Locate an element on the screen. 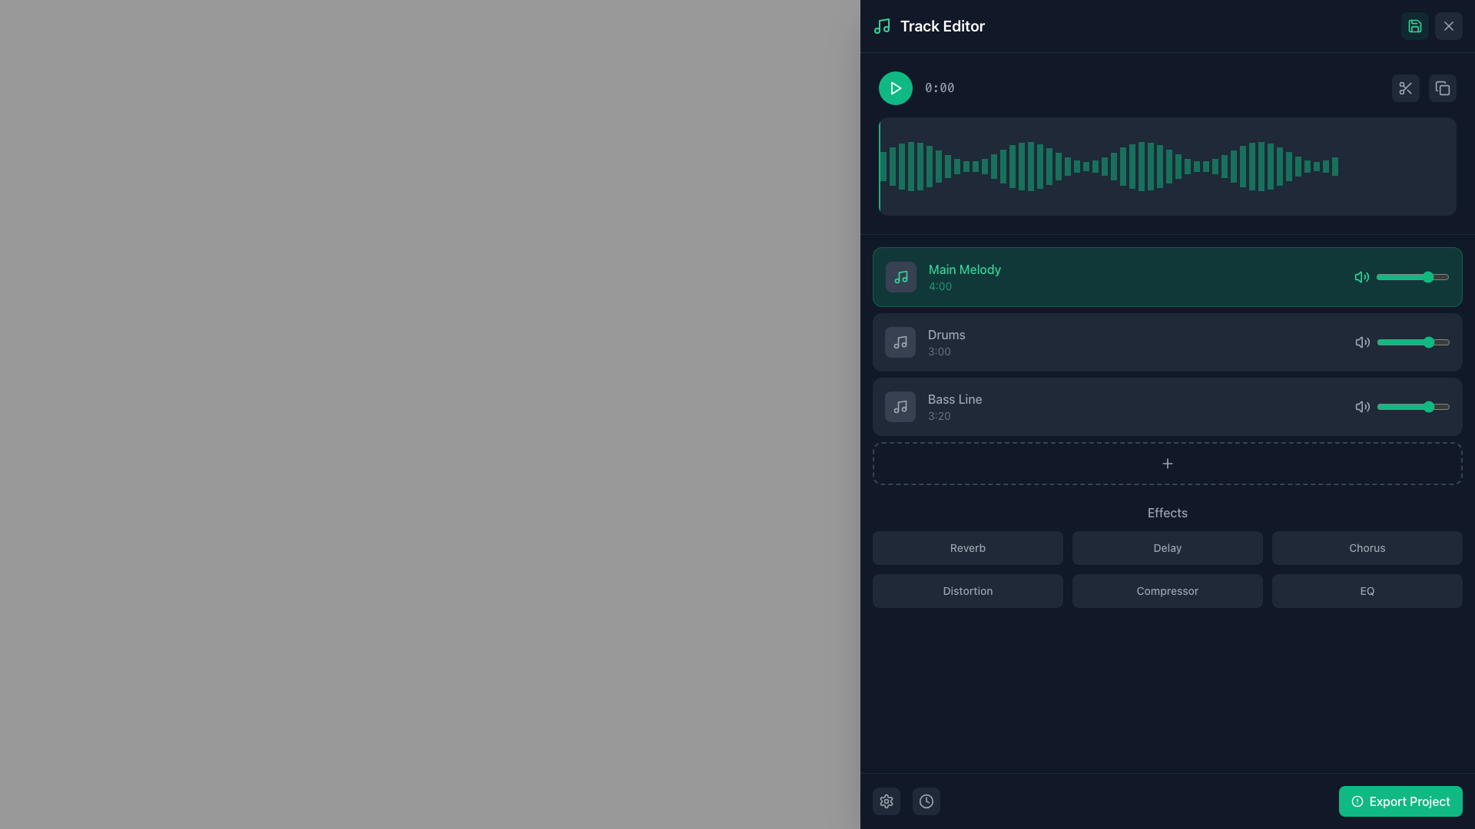 The image size is (1475, 829). the volume slider is located at coordinates (1405, 277).